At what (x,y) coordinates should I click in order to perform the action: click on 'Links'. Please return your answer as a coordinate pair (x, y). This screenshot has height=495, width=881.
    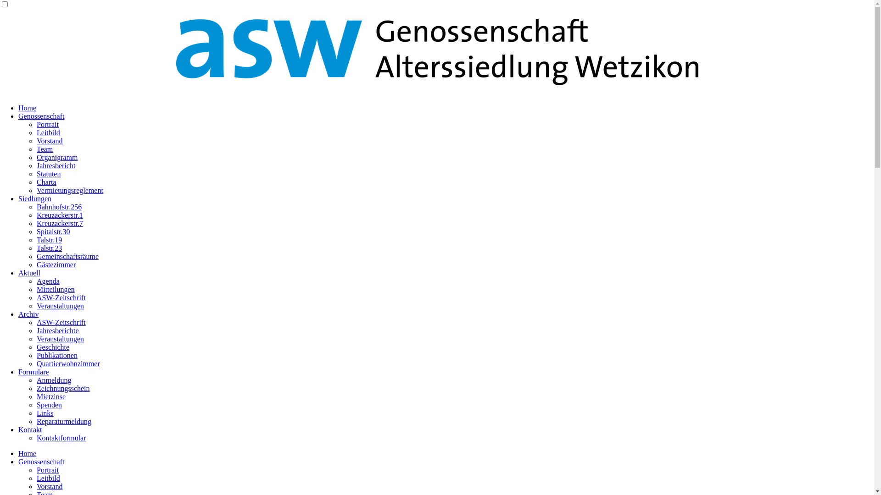
    Looking at the image, I should click on (44, 413).